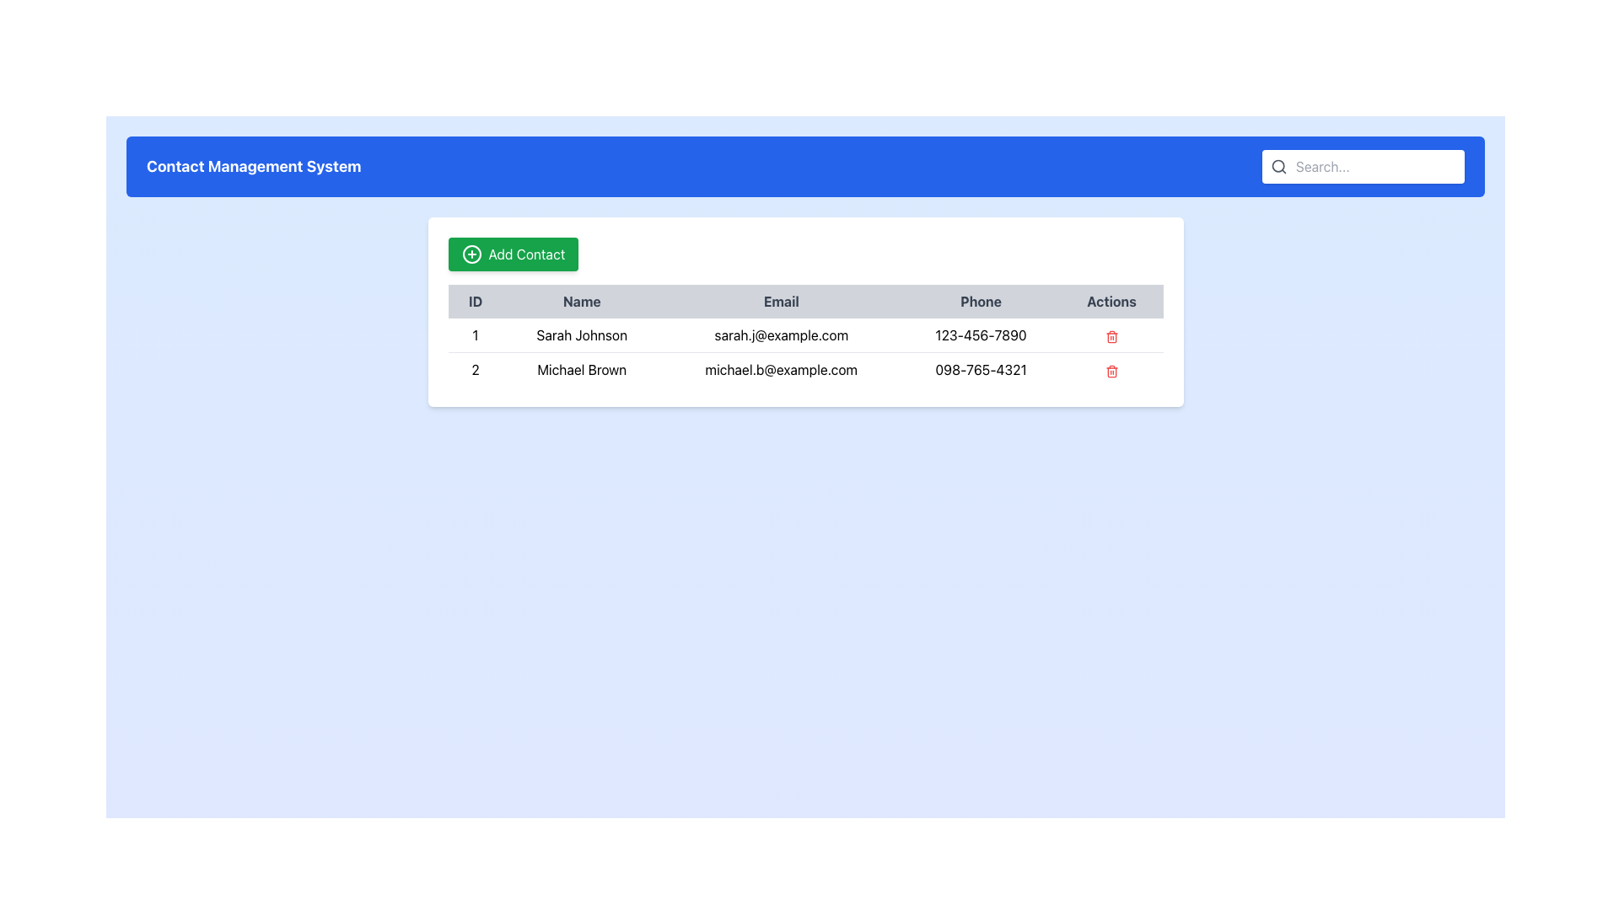 This screenshot has width=1619, height=910. What do you see at coordinates (471, 254) in the screenshot?
I see `the SVG Circle element that serves as the background of the plus sign in the 'Add Contact' button, located at the top-left corner of the contact information card` at bounding box center [471, 254].